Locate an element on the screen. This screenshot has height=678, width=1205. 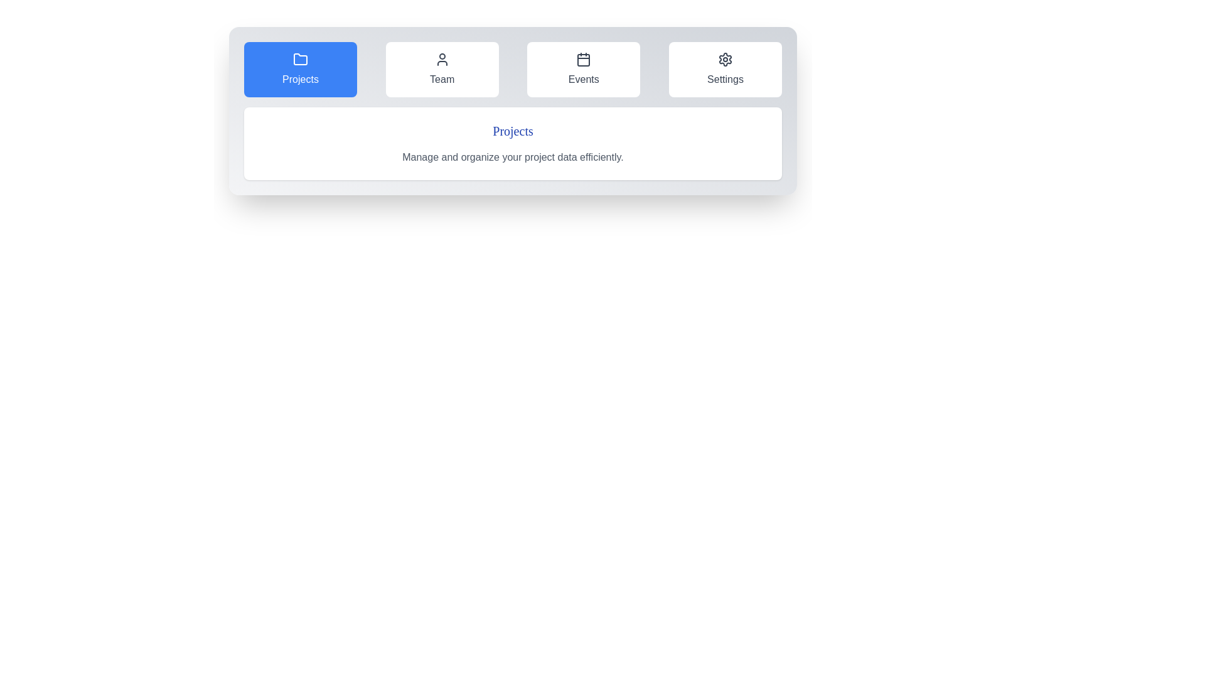
the Projects tab by clicking on its button is located at coordinates (300, 70).